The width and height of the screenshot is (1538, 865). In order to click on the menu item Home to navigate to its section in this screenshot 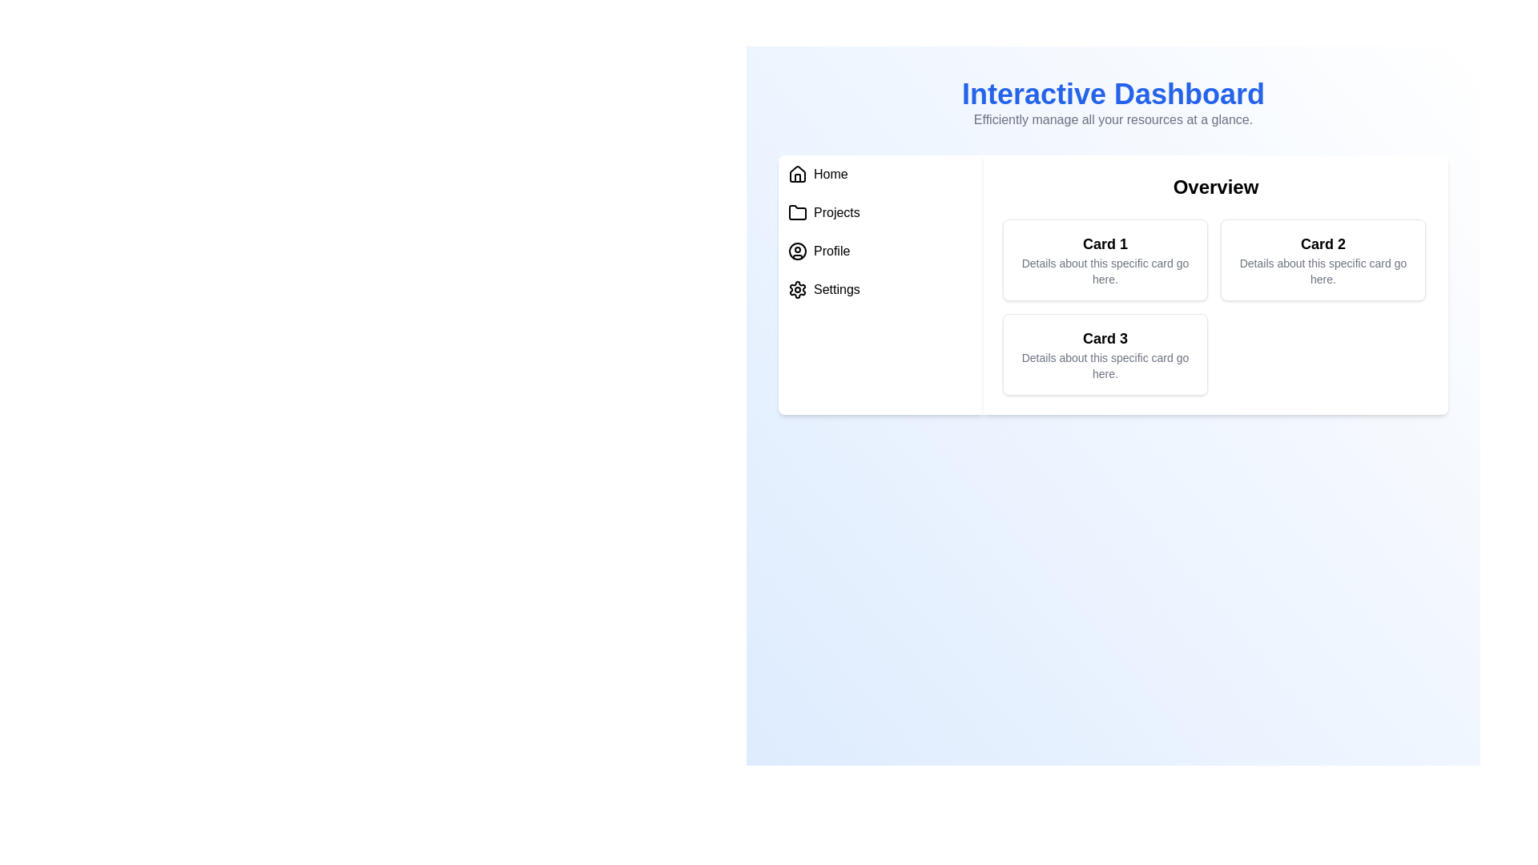, I will do `click(880, 175)`.